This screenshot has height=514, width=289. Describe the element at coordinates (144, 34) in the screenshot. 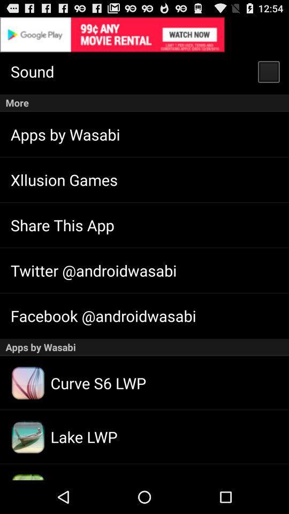

I see `google play` at that location.